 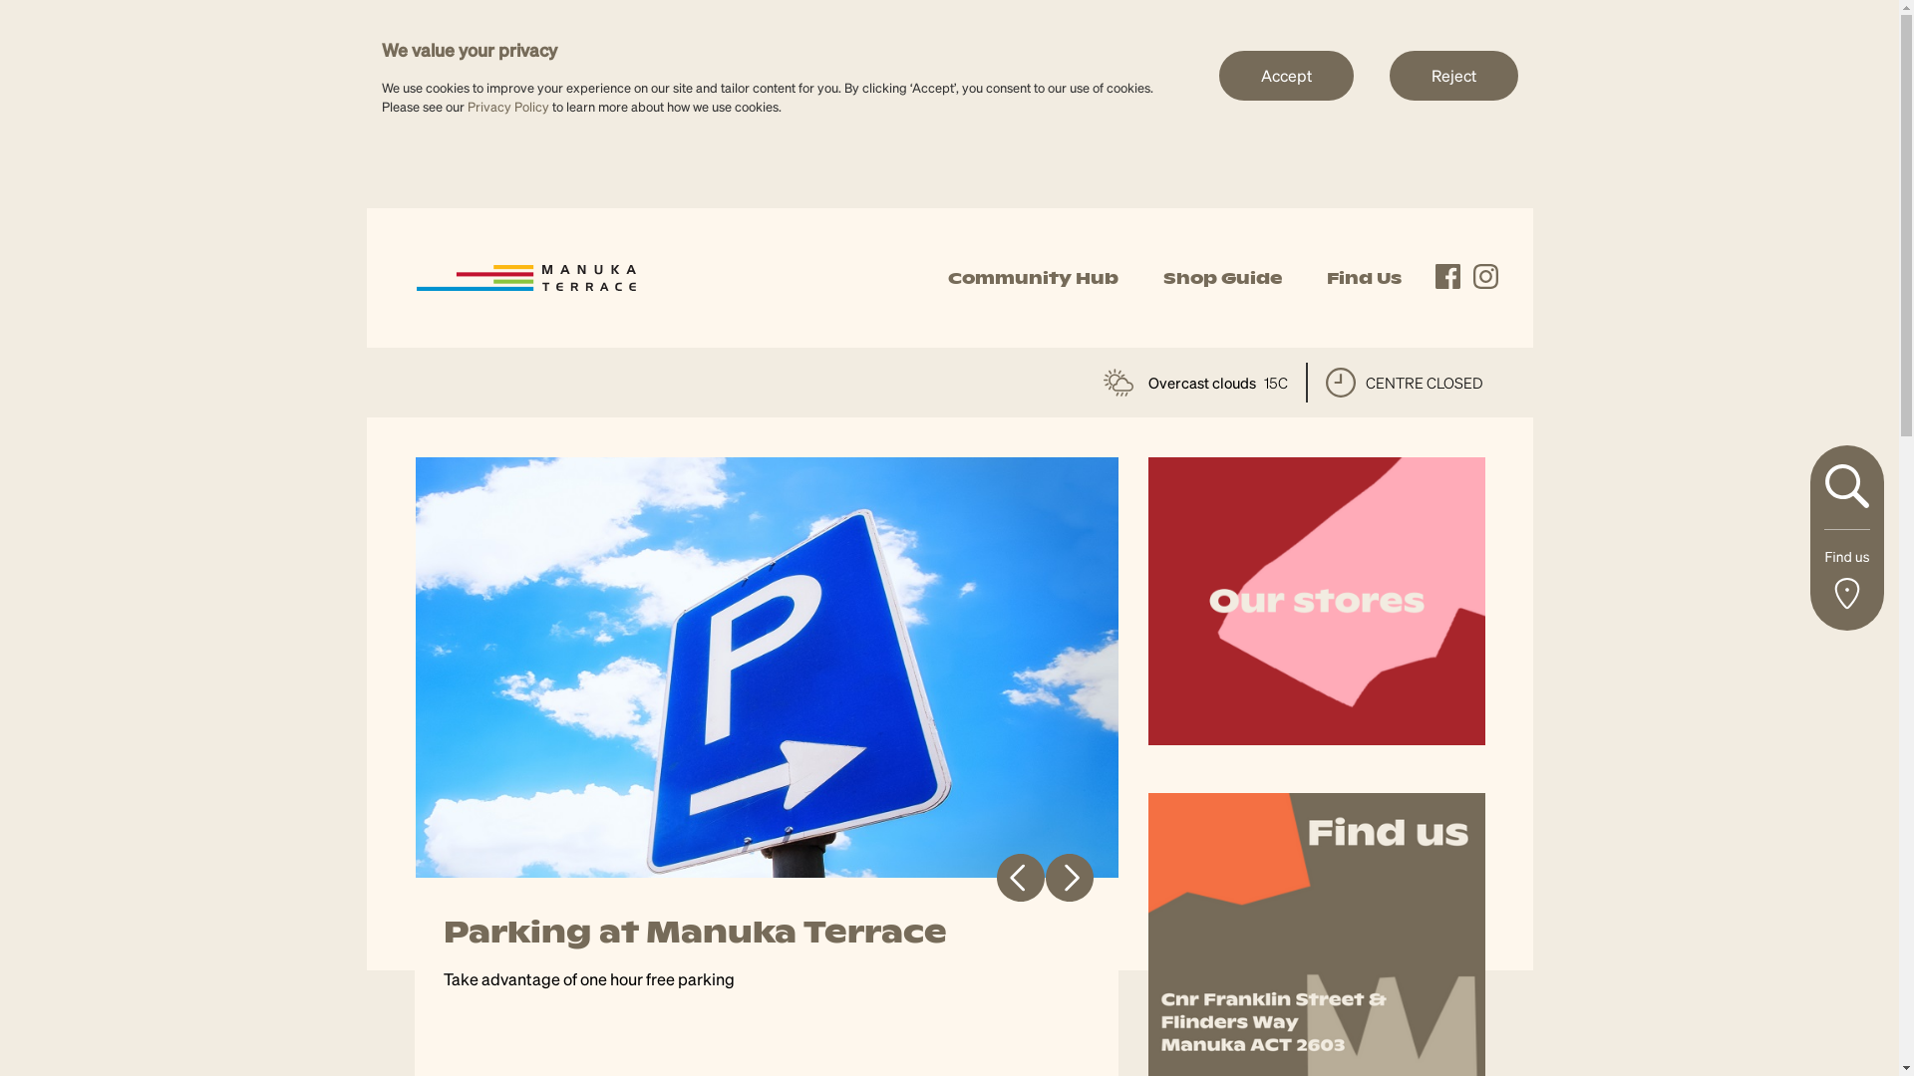 What do you see at coordinates (1067, 876) in the screenshot?
I see `'Next'` at bounding box center [1067, 876].